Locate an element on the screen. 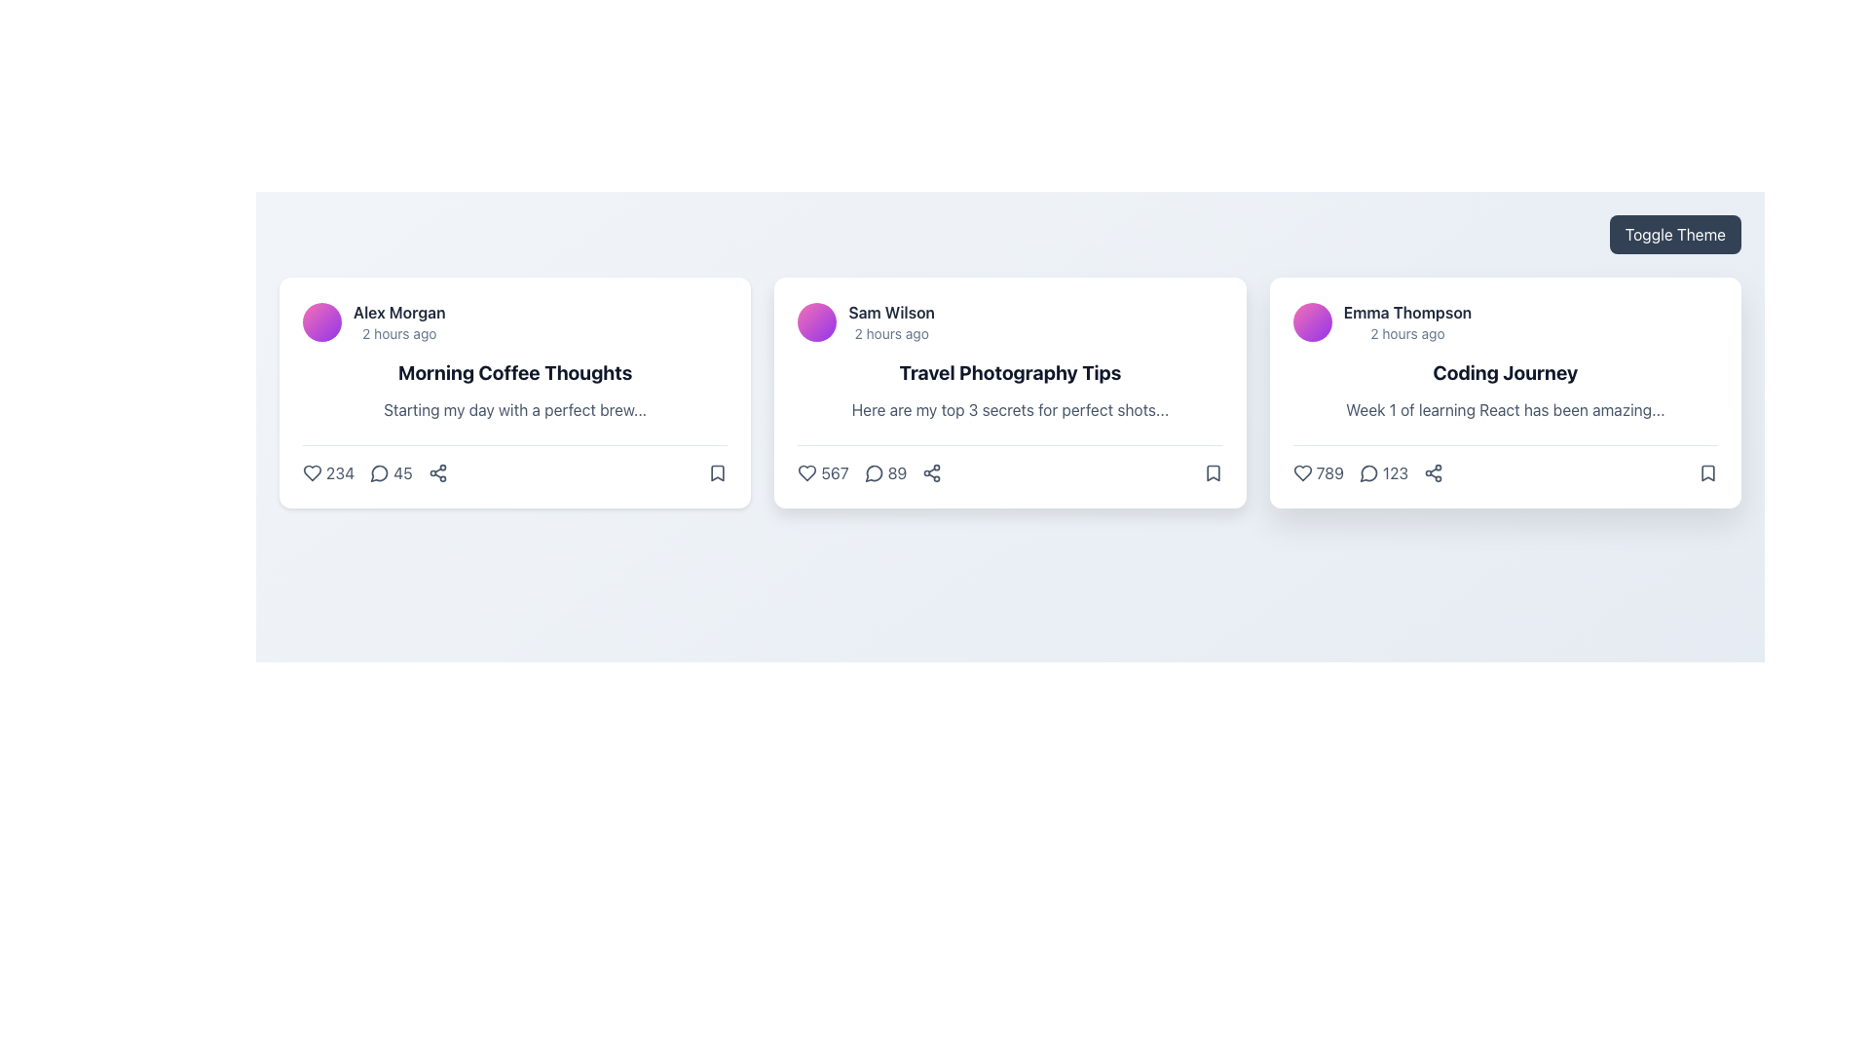  text content of the second textual component in the card interface, located below the username 'Emma Thompson' and timestamp '2 hours ago' is located at coordinates (1504, 372).